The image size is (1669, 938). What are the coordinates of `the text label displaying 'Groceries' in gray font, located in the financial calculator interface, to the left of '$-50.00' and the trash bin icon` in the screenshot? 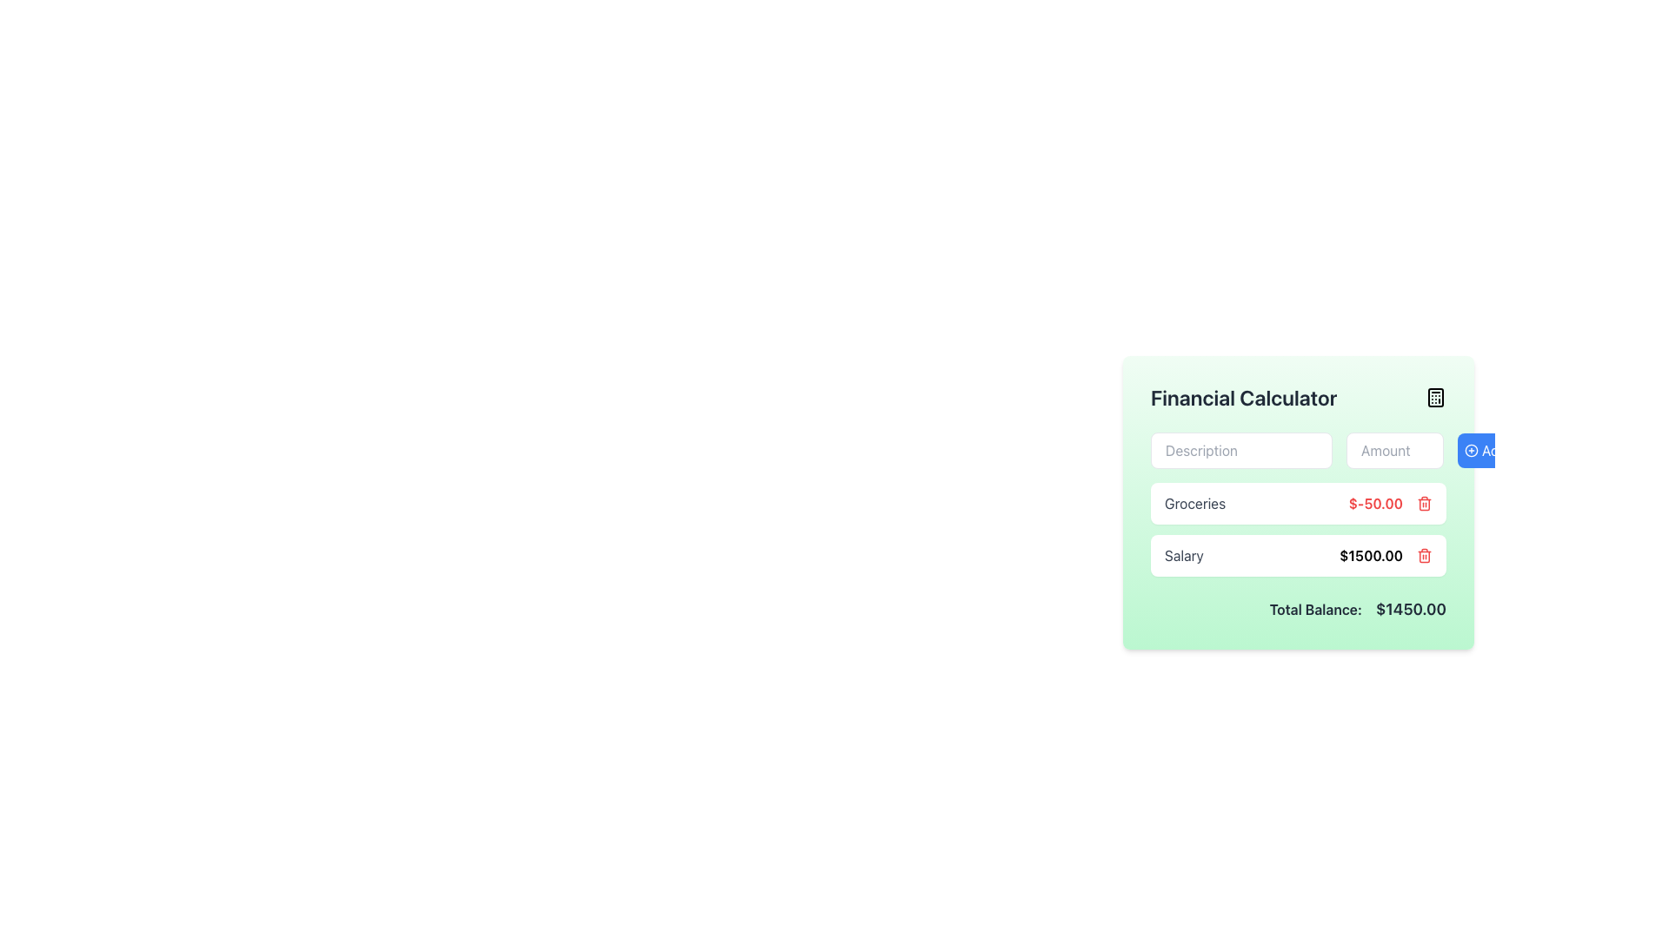 It's located at (1194, 503).